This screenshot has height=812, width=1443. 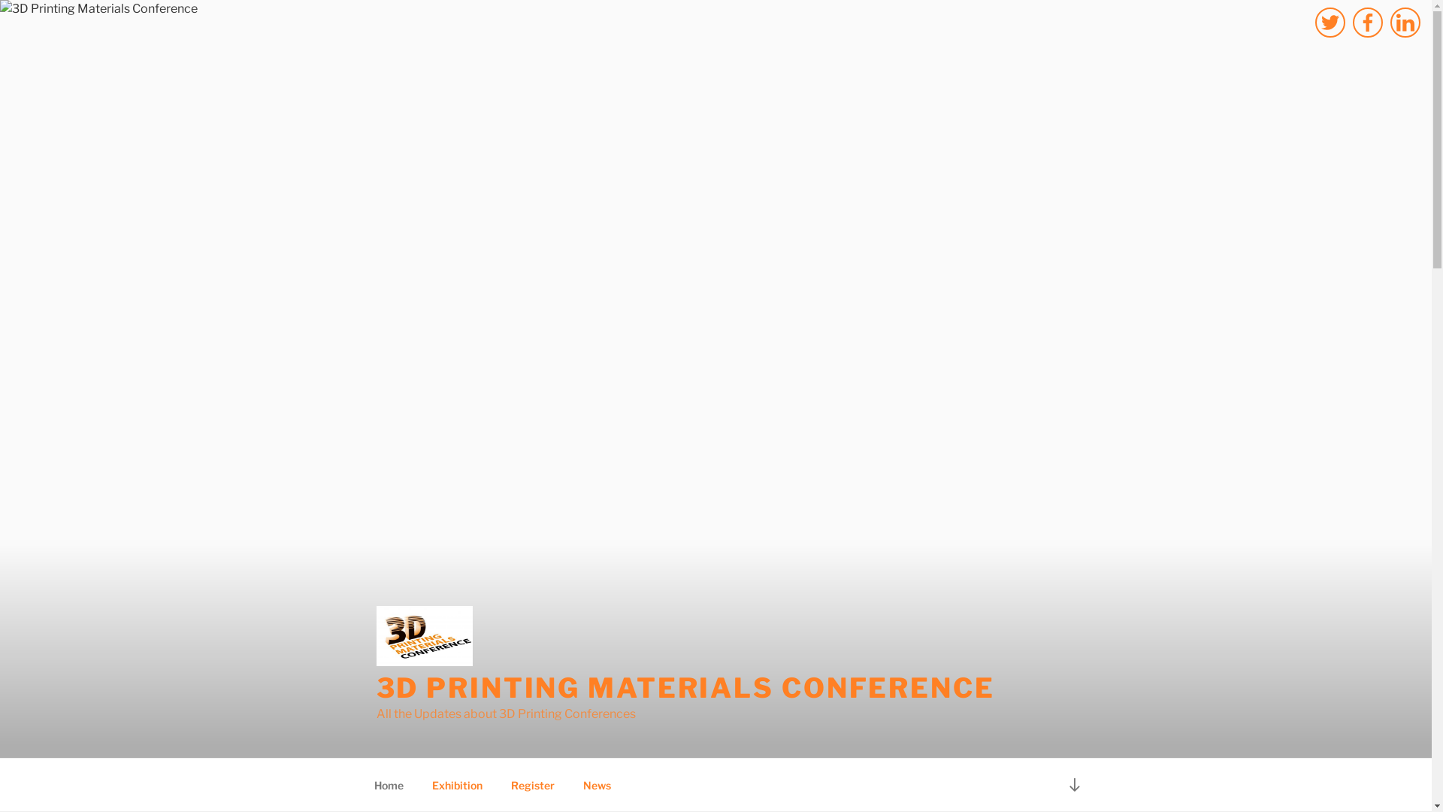 I want to click on 'News', so click(x=595, y=784).